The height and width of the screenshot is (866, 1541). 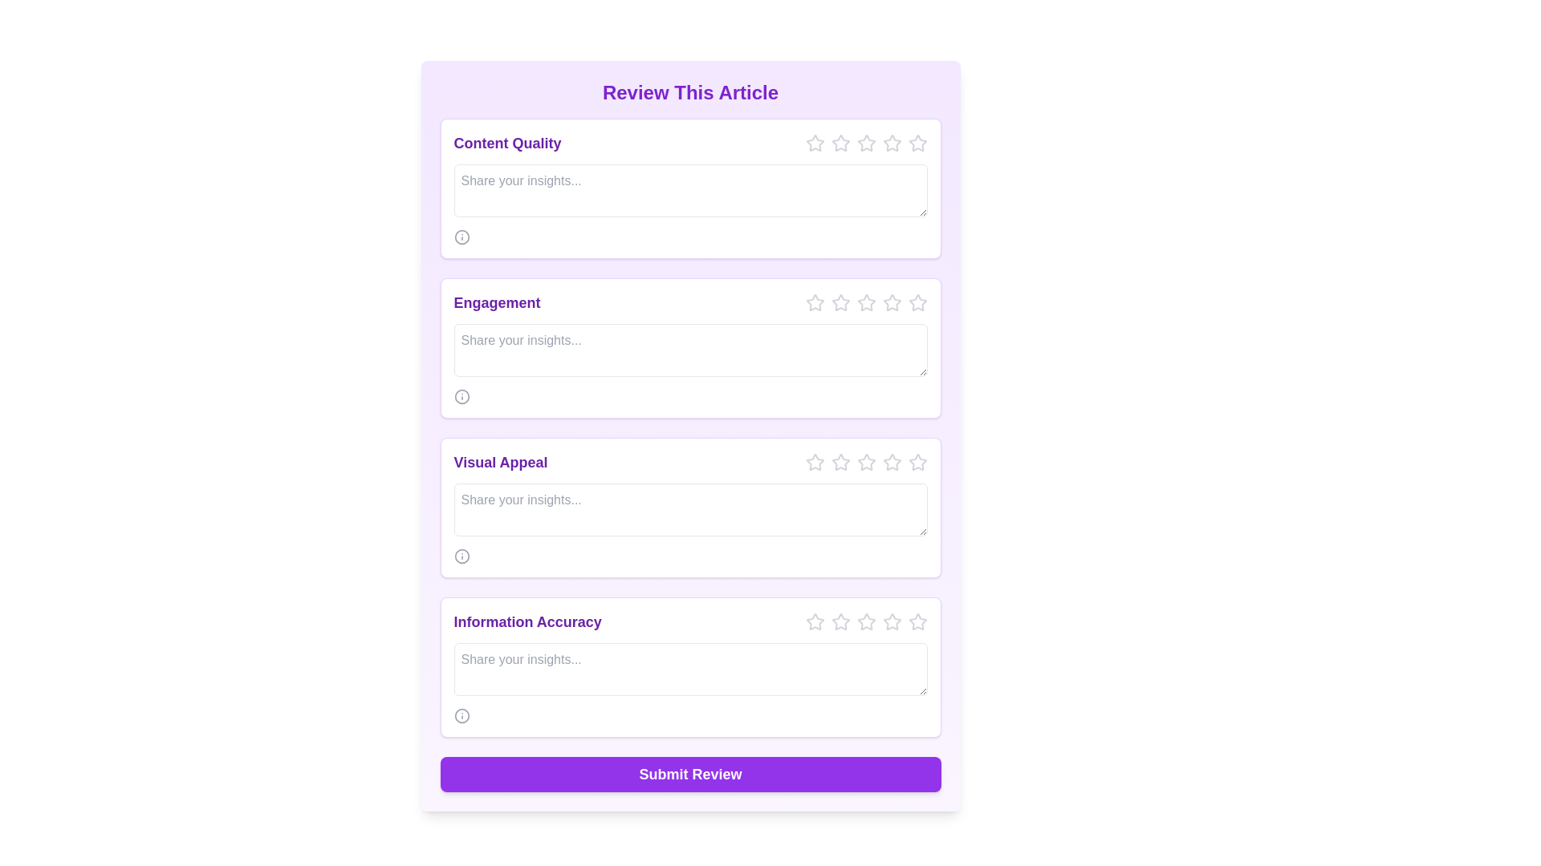 I want to click on the fourth star-shaped rating icon in the 'Visual Appeal' section, so click(x=865, y=463).